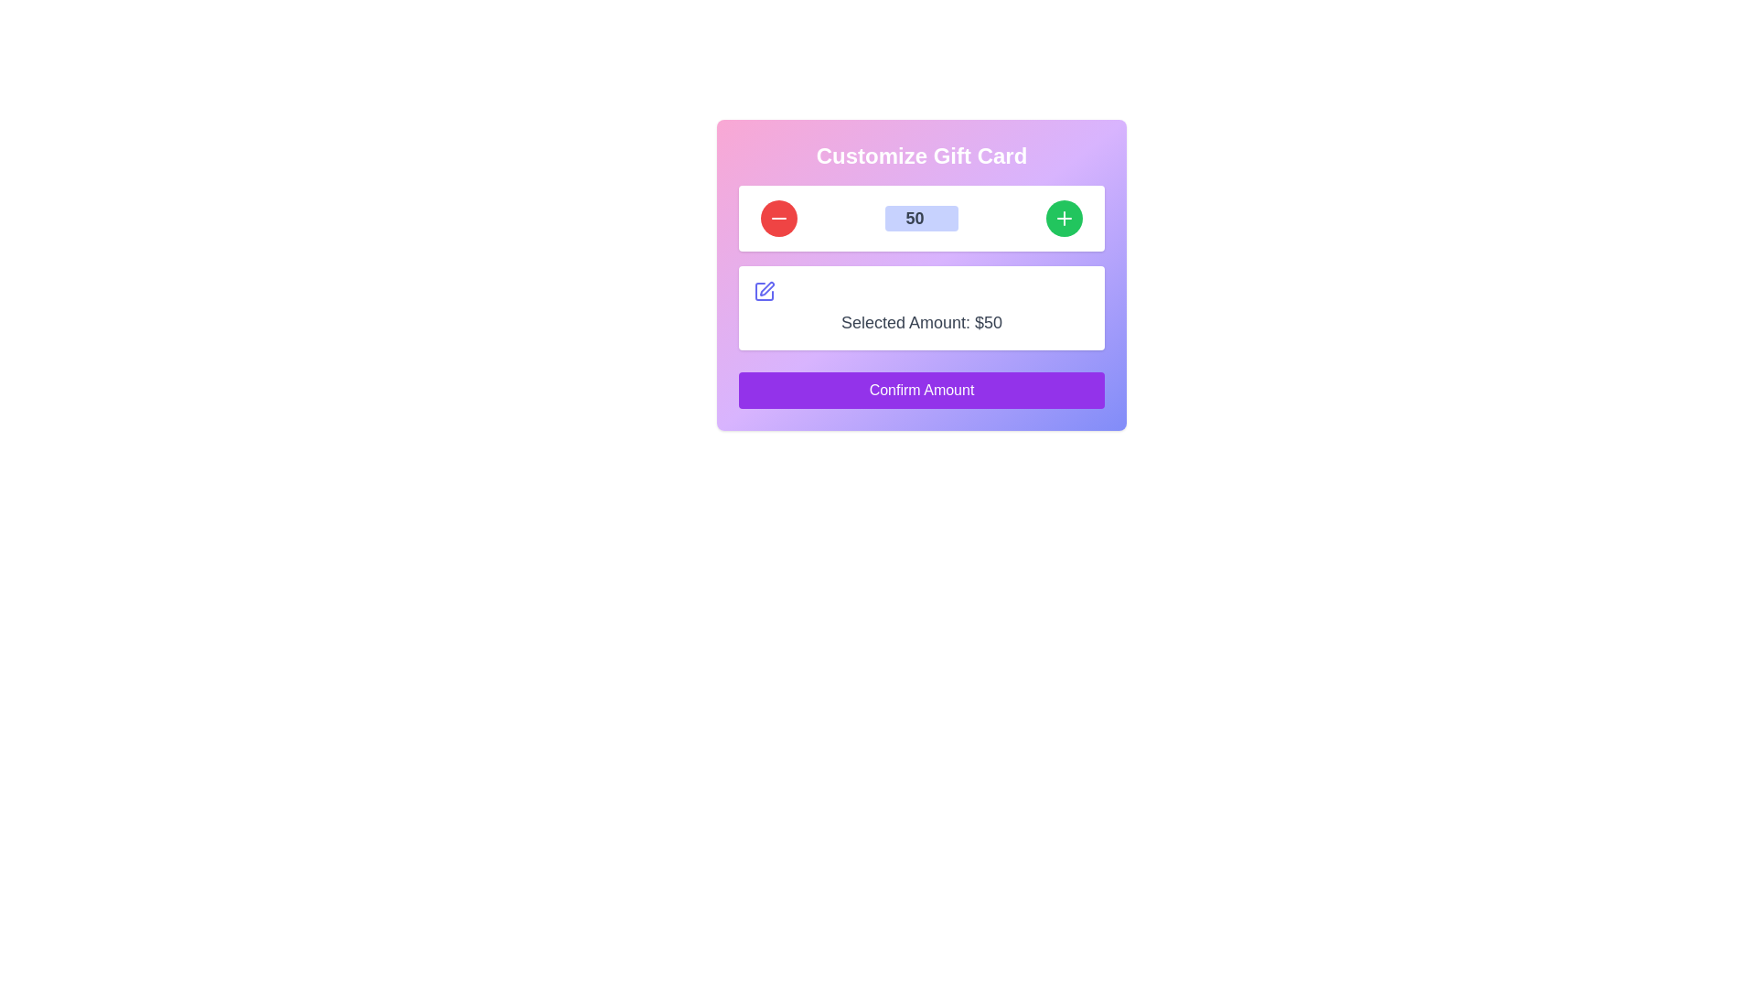  I want to click on the square icon button with a pen symbol inside, located beneath the amount adjustment buttons and above the text 'Selected Amount: $50', so click(764, 291).